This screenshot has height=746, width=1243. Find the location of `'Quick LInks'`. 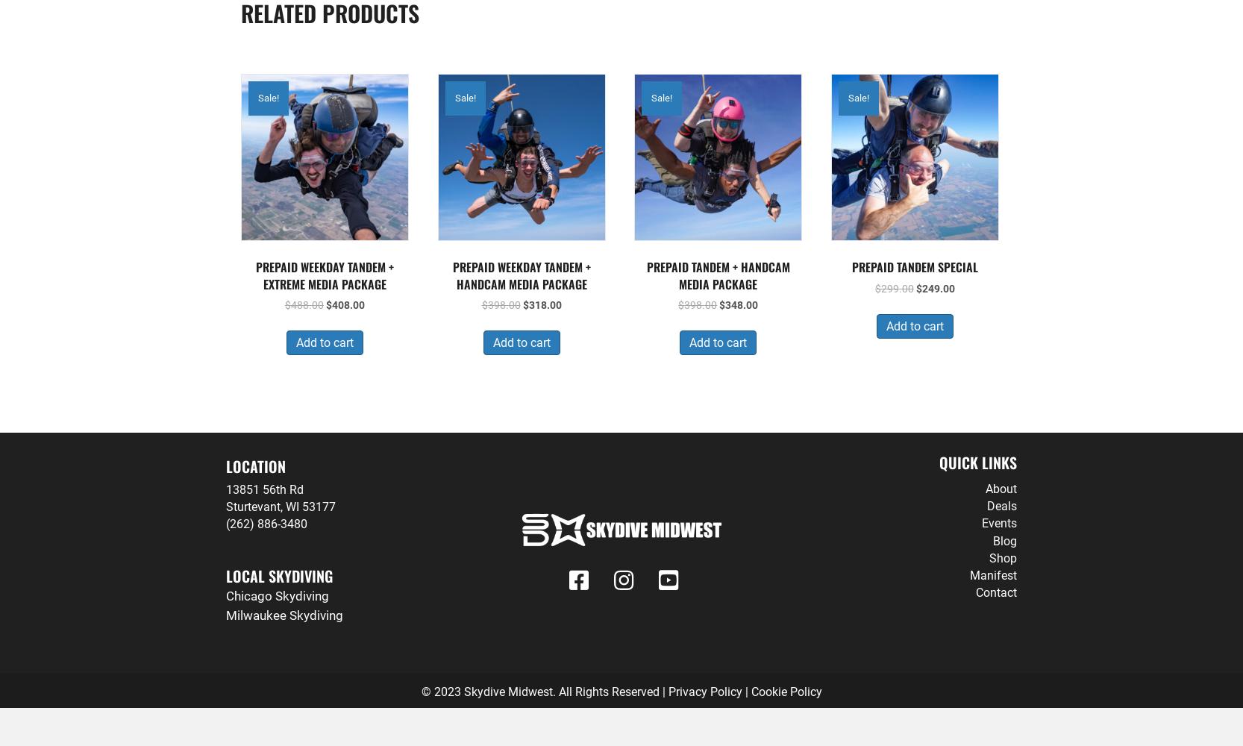

'Quick LInks' is located at coordinates (977, 462).